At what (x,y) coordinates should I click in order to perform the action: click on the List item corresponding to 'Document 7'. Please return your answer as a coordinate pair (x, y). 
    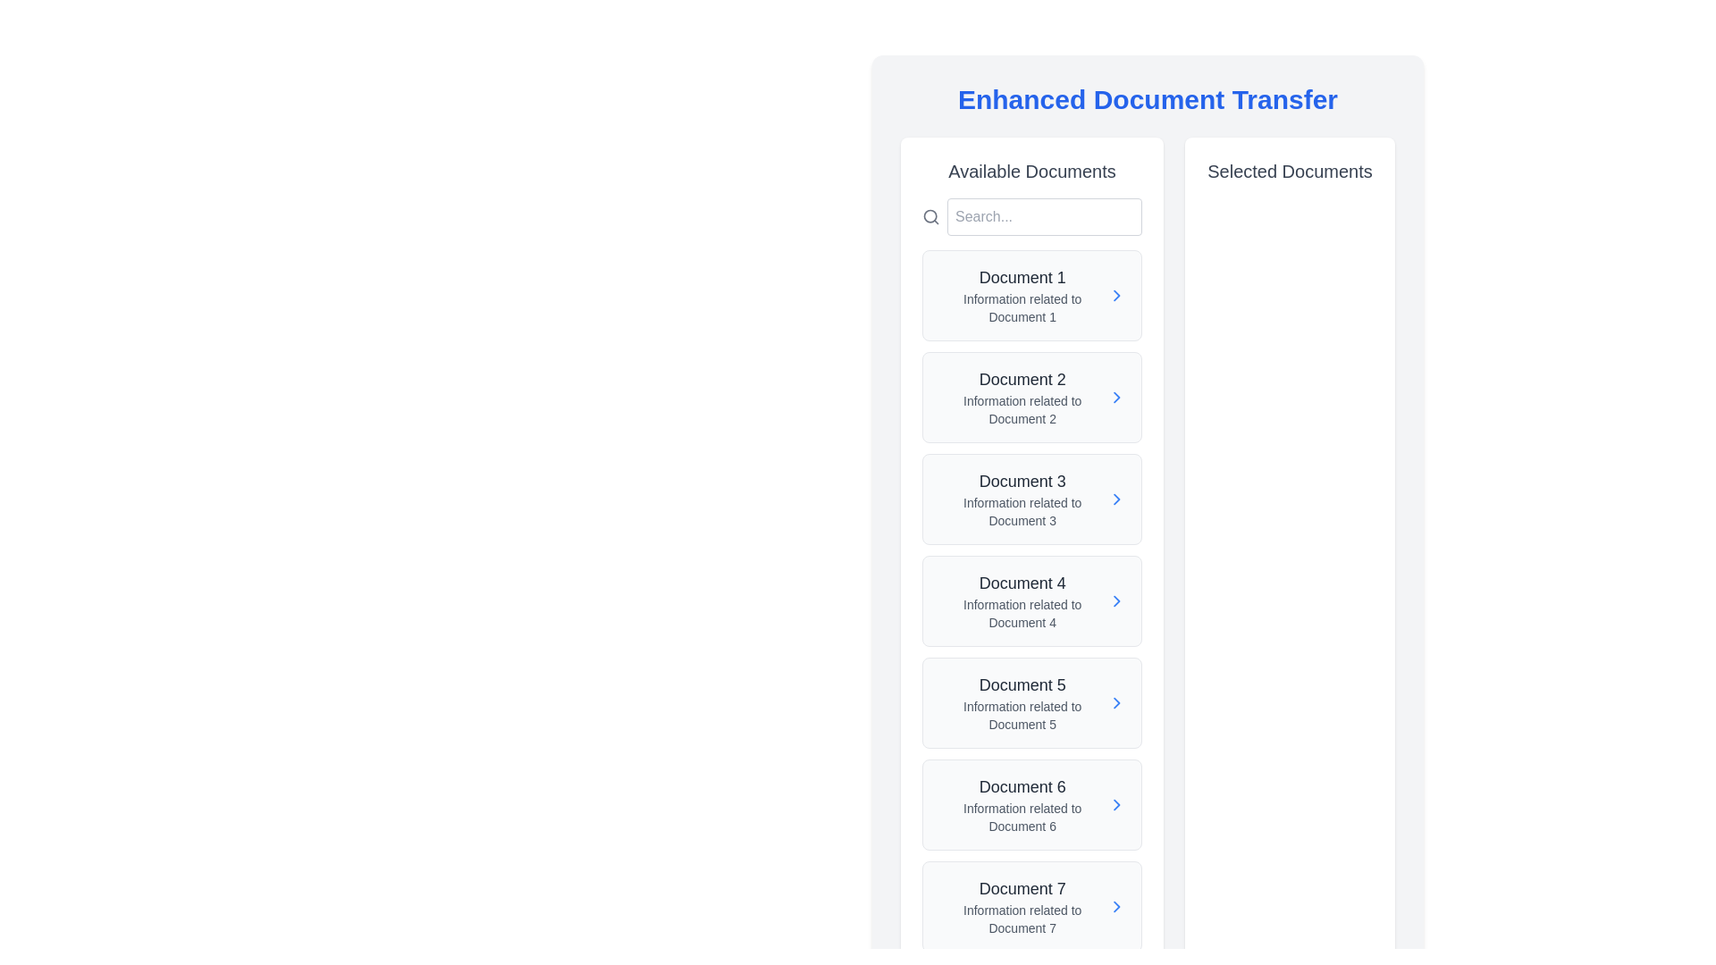
    Looking at the image, I should click on (1032, 906).